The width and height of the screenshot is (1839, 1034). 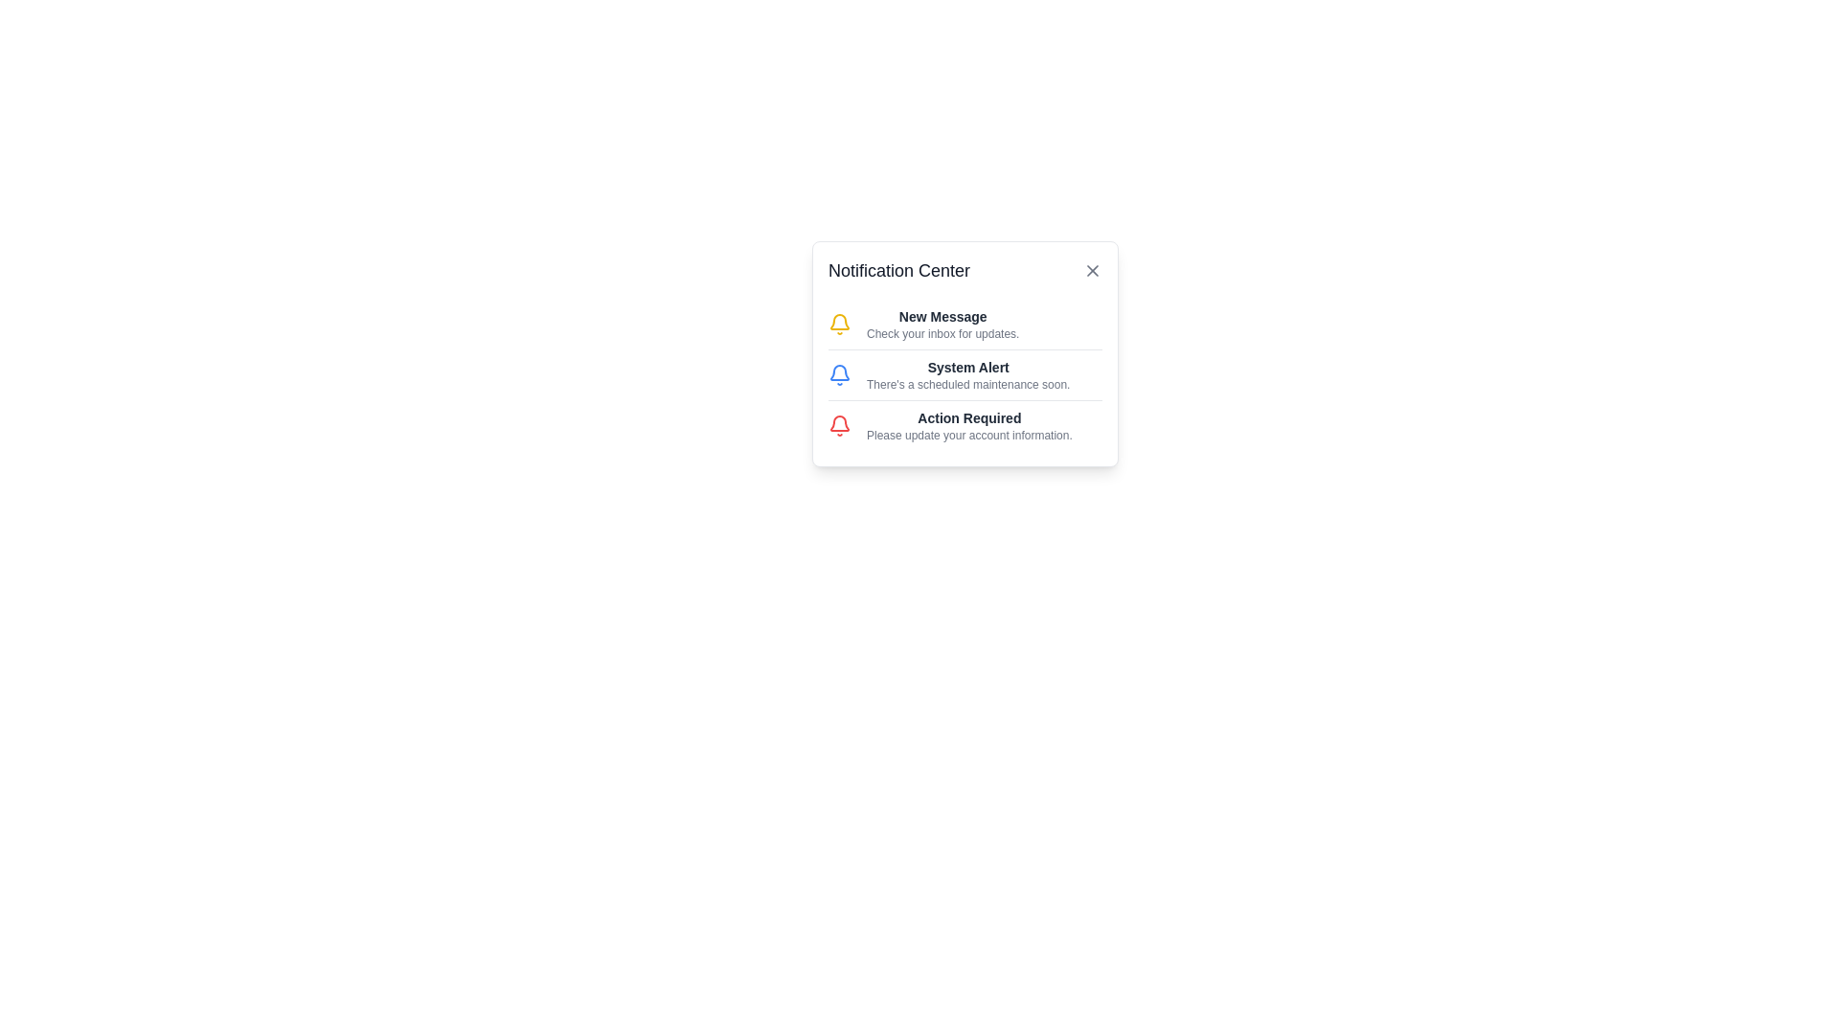 What do you see at coordinates (942, 332) in the screenshot?
I see `the label that displays the message 'Check your inbox for updates.' which is styled in light gray and positioned below 'New Message' in the notification card` at bounding box center [942, 332].